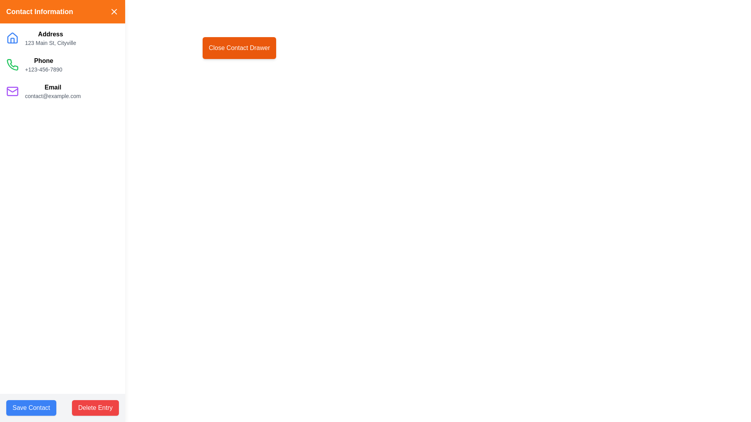 This screenshot has height=422, width=751. I want to click on the static text label displaying '123 Main St, Cityville', which is located beneath the bolded title 'Address' in the contact information section, so click(50, 43).